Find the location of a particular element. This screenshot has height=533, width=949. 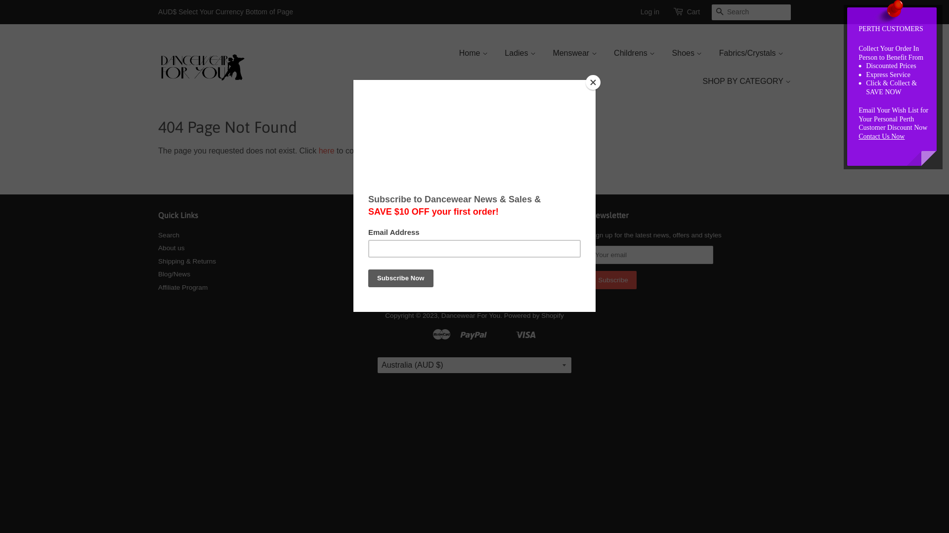

'About us' is located at coordinates (171, 247).